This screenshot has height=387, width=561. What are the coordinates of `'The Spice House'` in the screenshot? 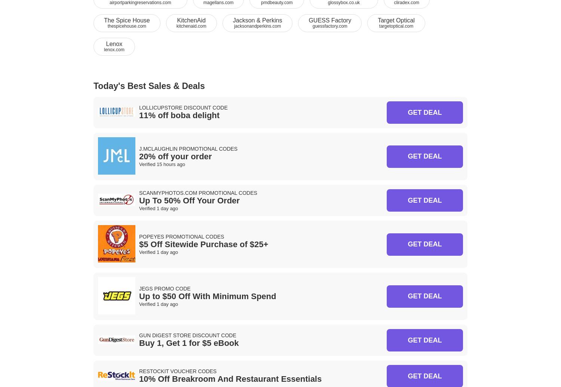 It's located at (126, 20).